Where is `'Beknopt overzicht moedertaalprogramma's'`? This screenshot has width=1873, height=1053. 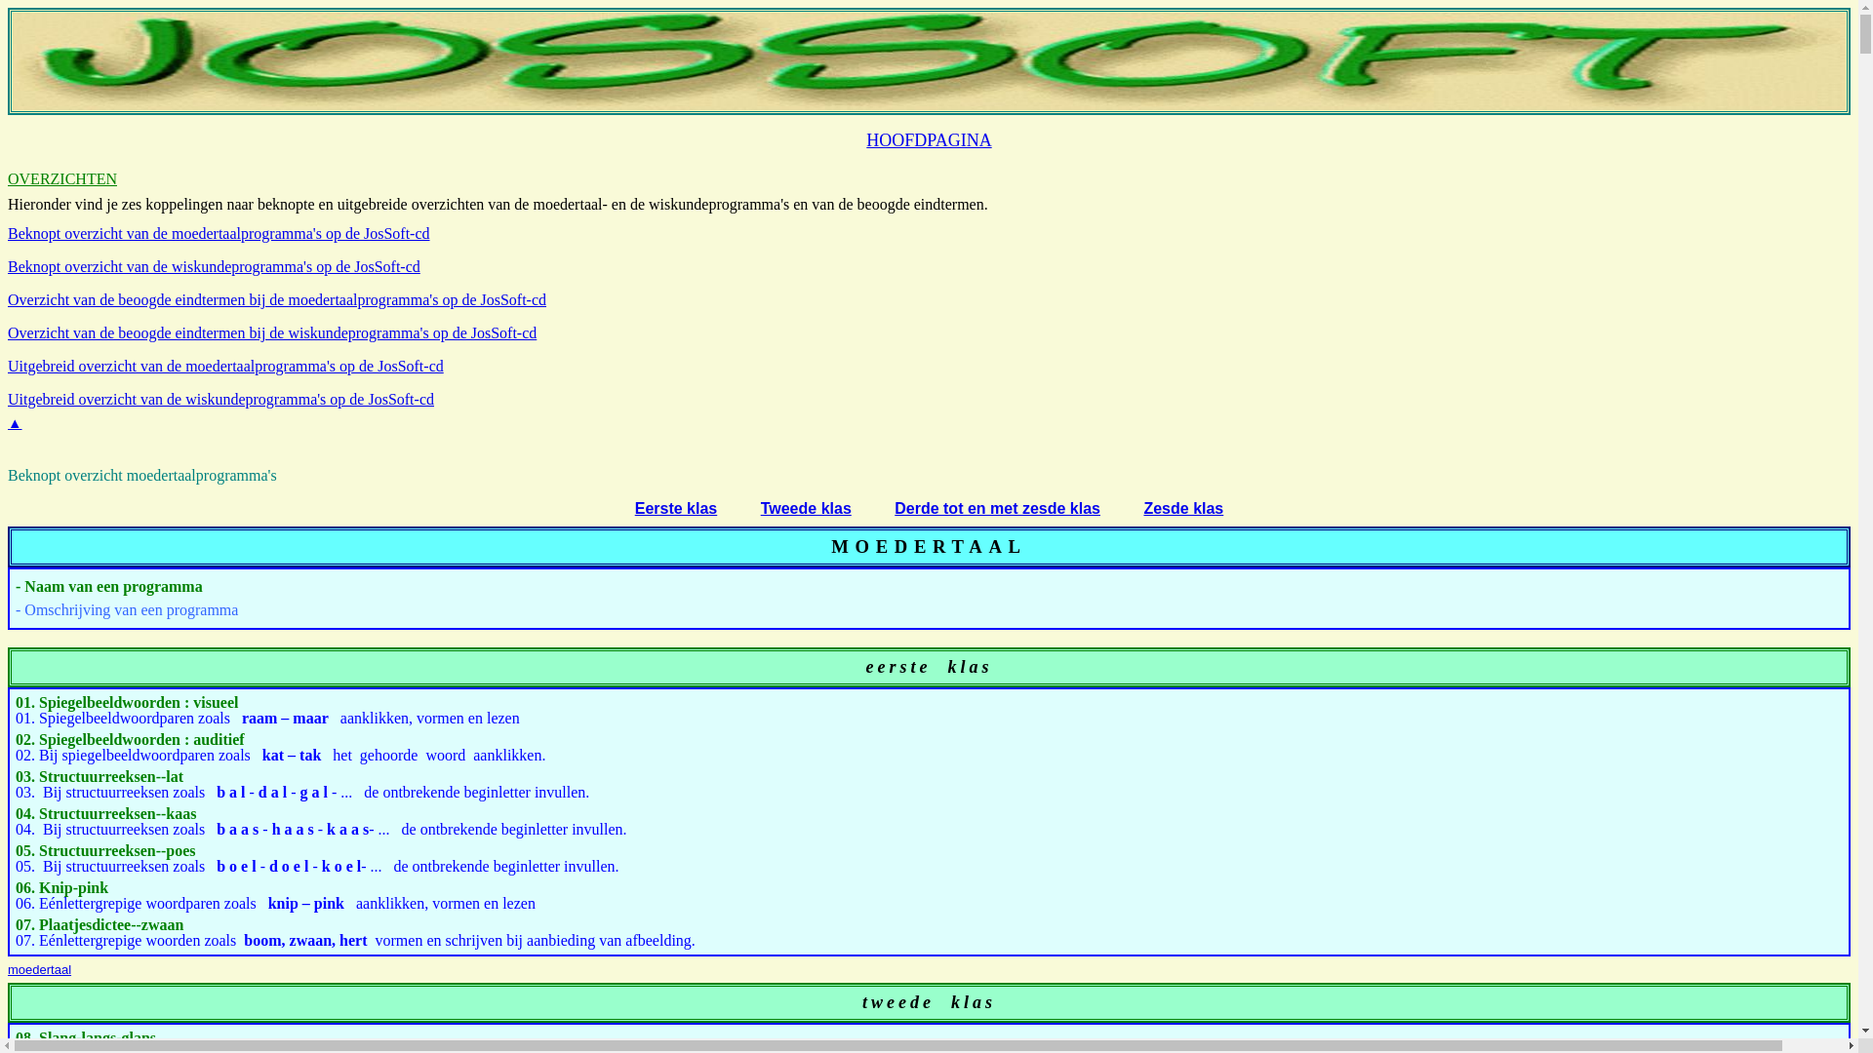 'Beknopt overzicht moedertaalprogramma's' is located at coordinates (140, 475).